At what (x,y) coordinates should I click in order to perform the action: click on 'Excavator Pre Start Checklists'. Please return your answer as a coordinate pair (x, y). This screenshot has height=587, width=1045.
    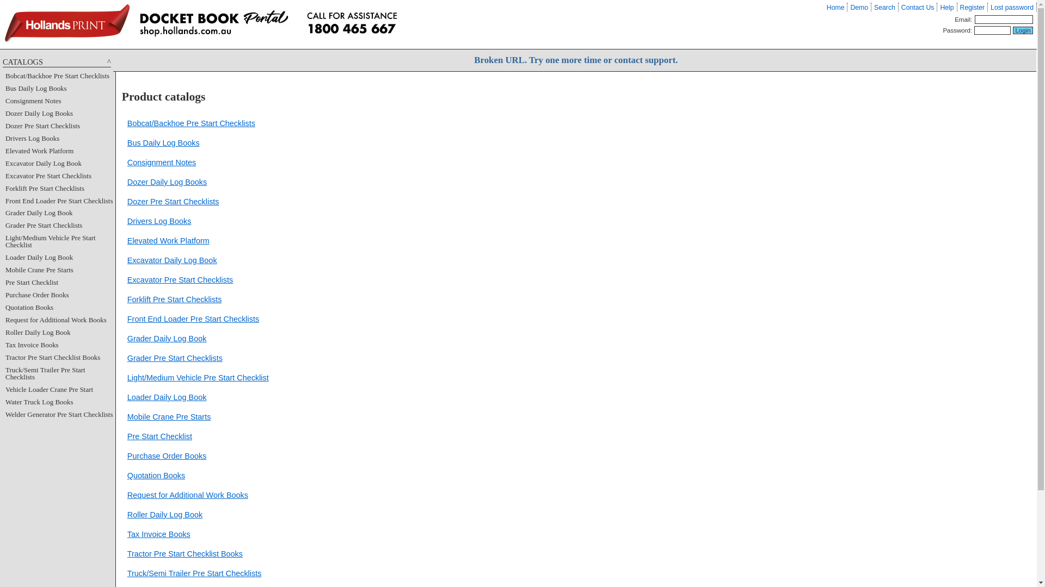
    Looking at the image, I should click on (127, 279).